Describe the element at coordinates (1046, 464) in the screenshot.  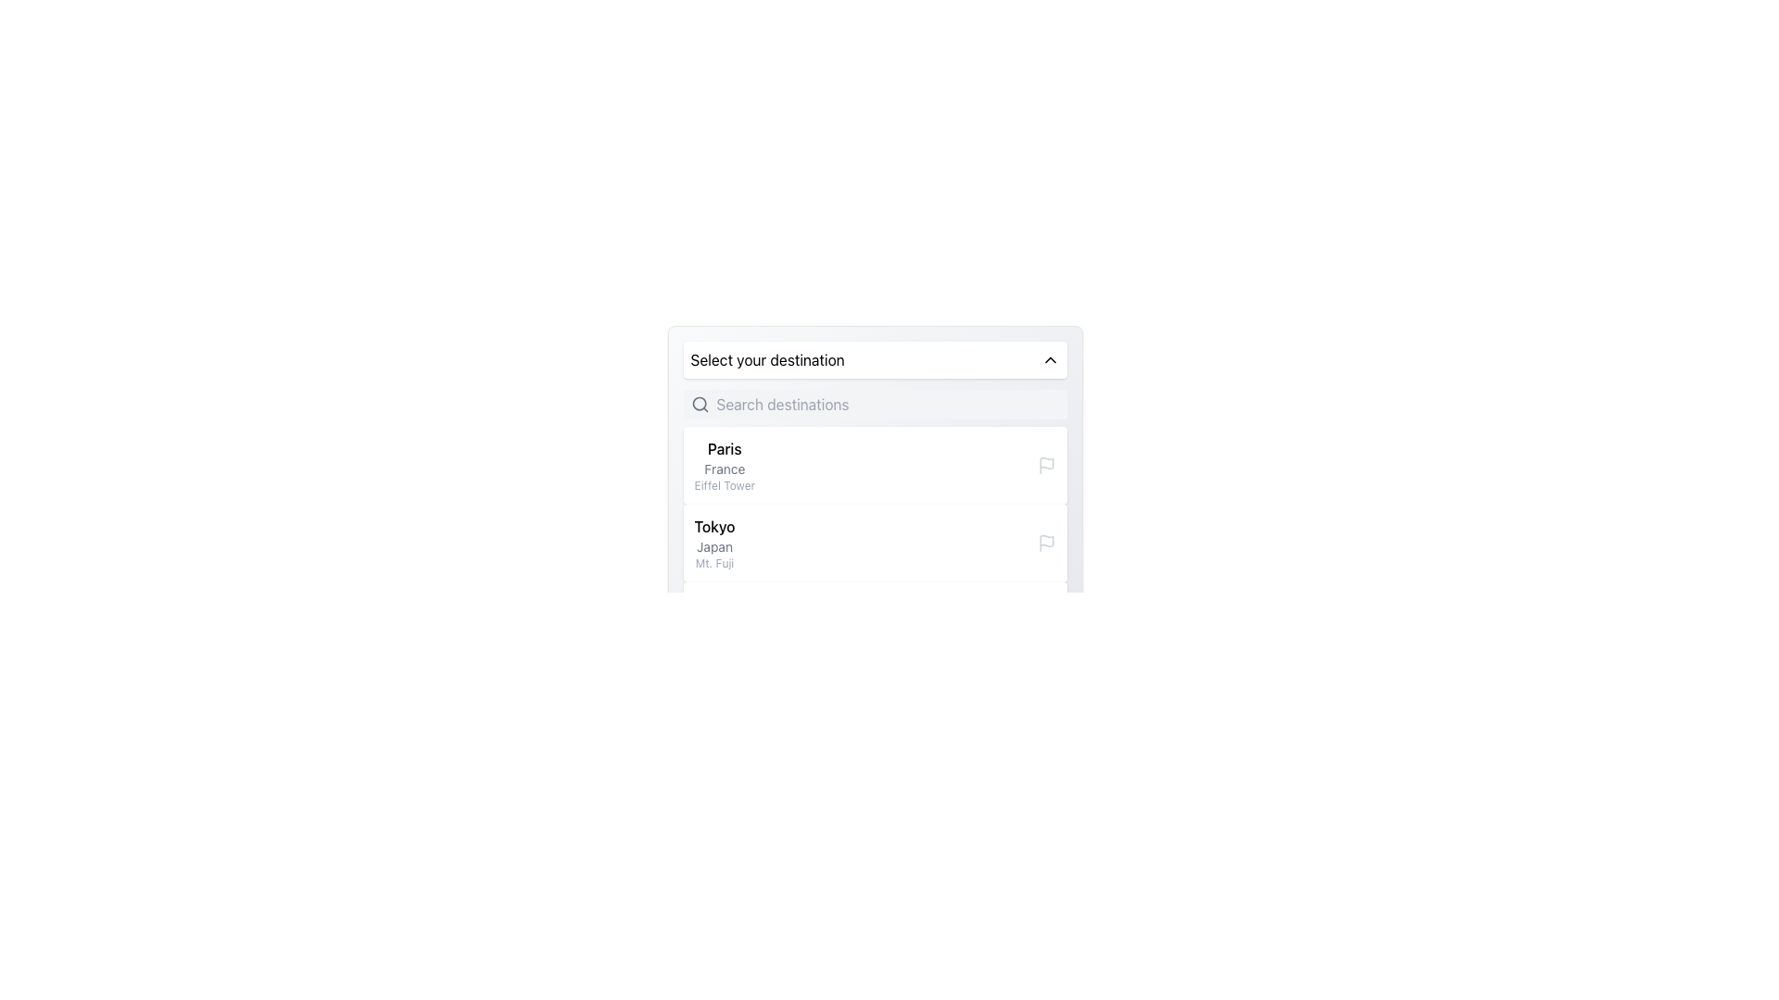
I see `the icon in the top-right corner of the list item containing 'Paris', 'France', and 'Eiffel Tower'` at that location.